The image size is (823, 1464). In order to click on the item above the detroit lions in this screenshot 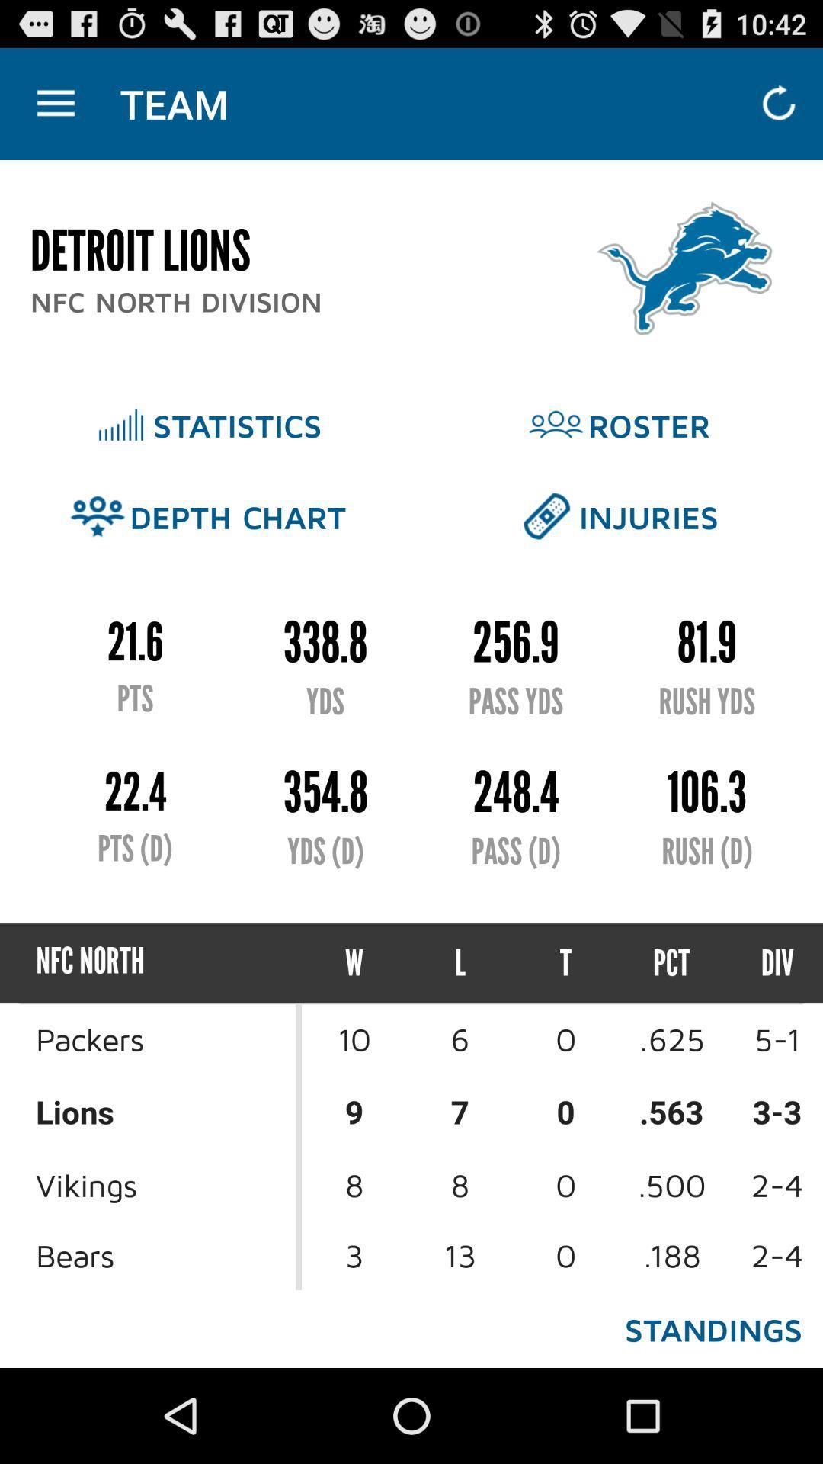, I will do `click(55, 103)`.